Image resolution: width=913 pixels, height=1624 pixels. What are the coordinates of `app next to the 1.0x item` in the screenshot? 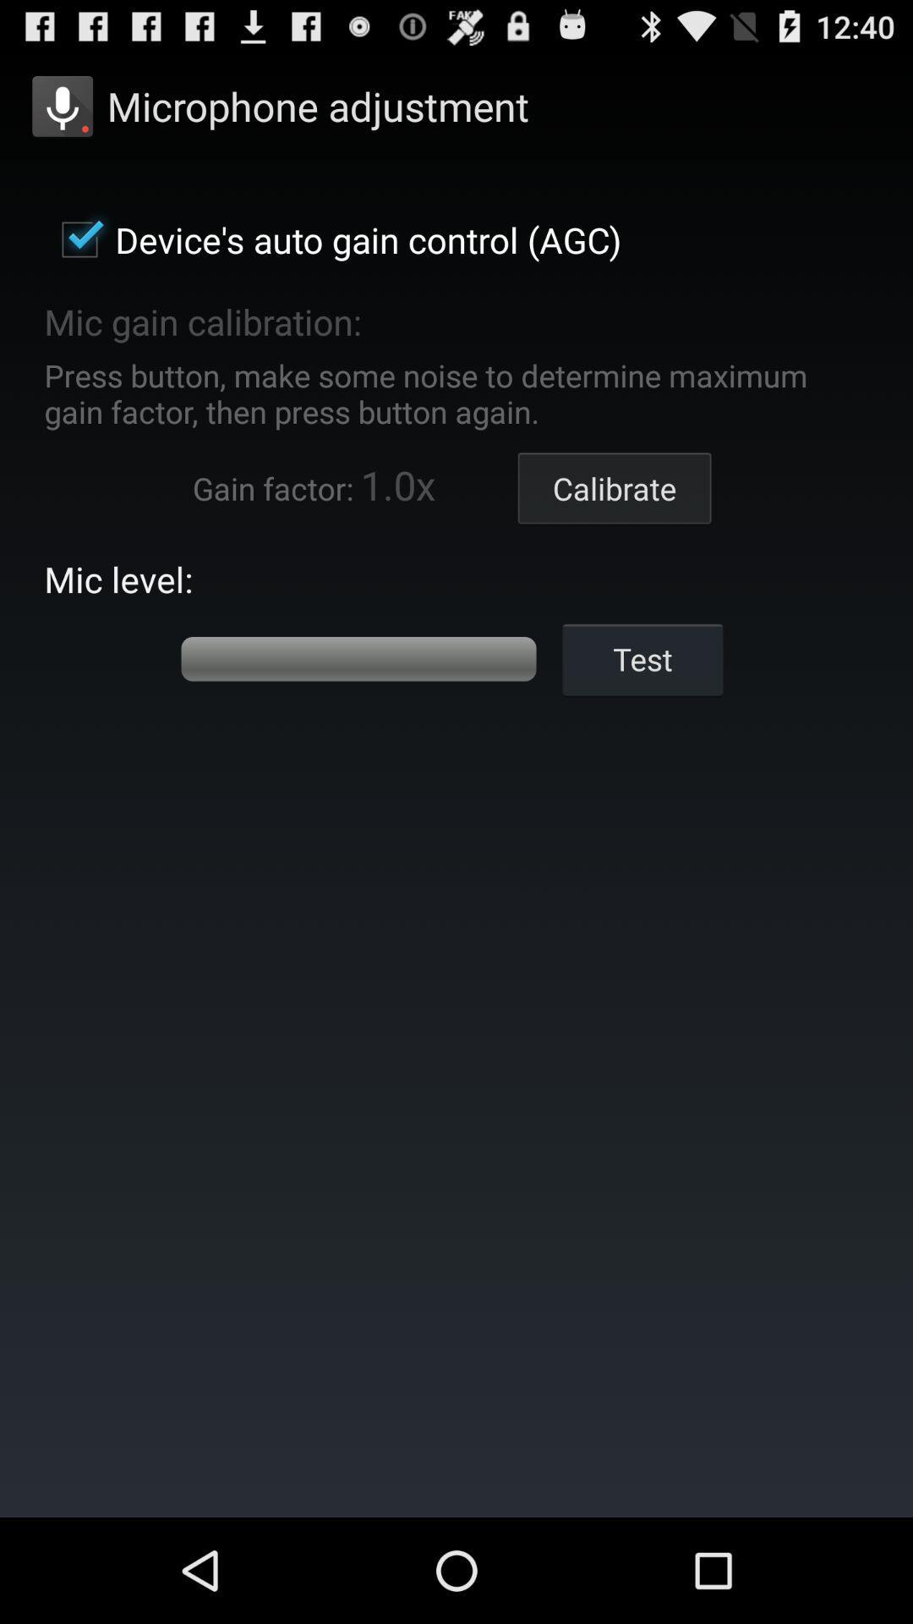 It's located at (615, 487).